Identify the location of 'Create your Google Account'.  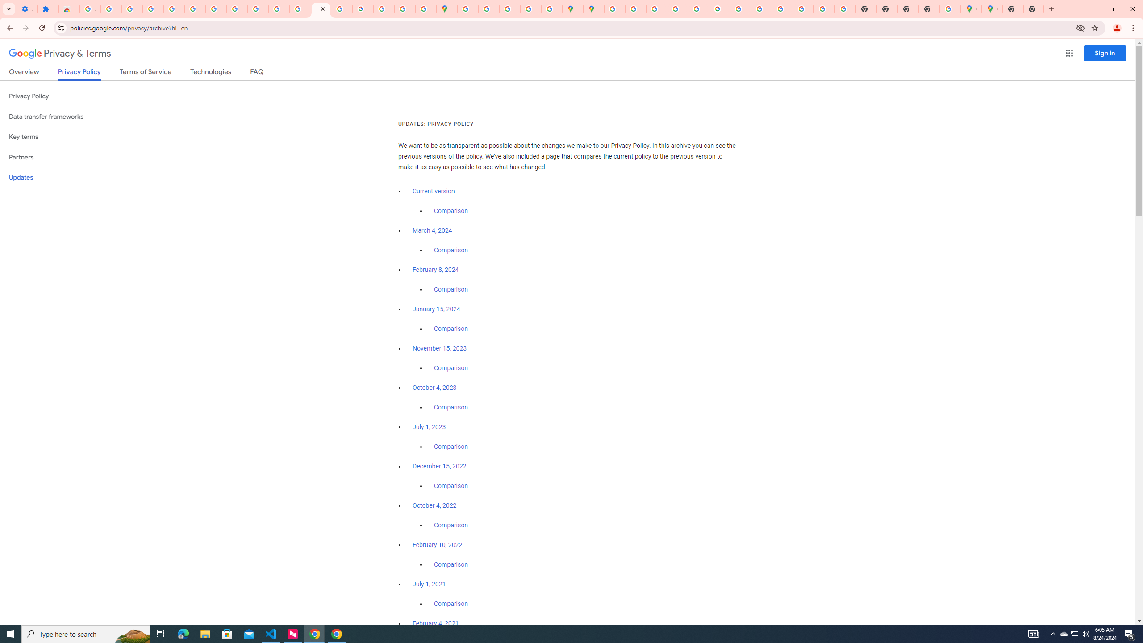
(509, 8).